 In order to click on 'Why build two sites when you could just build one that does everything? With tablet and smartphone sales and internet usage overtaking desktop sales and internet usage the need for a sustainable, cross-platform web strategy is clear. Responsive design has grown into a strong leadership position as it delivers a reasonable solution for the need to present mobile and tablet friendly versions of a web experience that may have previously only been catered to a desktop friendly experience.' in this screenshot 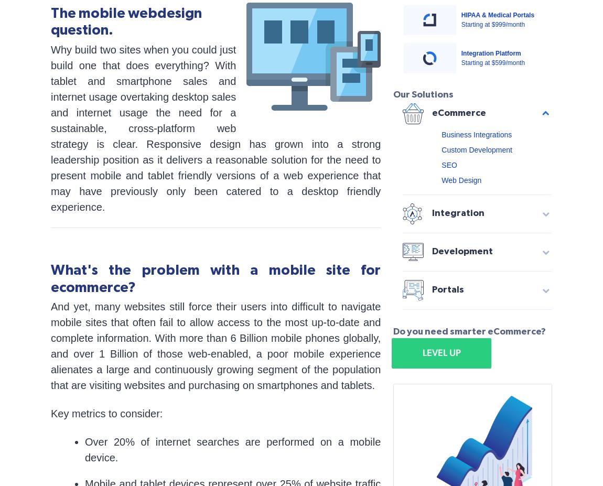, I will do `click(216, 127)`.